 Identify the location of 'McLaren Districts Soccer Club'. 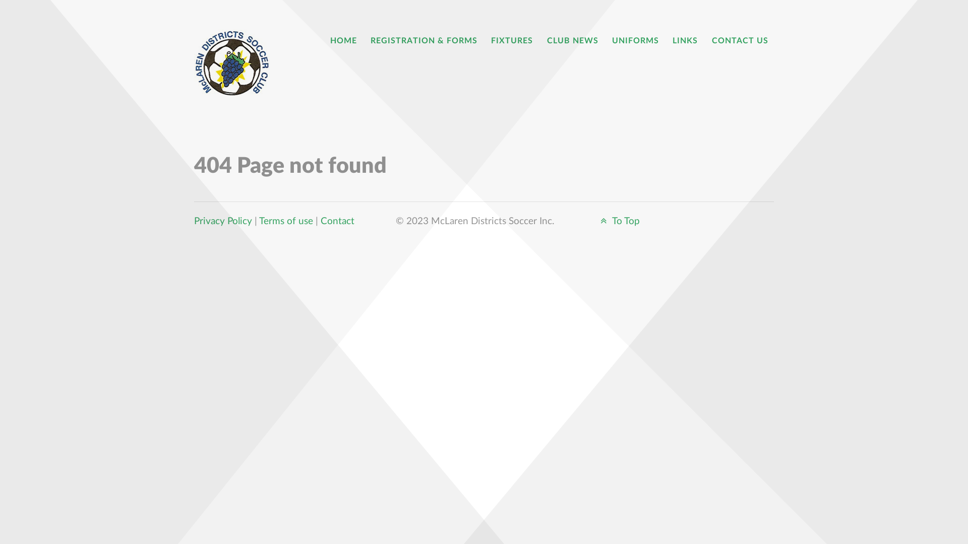
(235, 62).